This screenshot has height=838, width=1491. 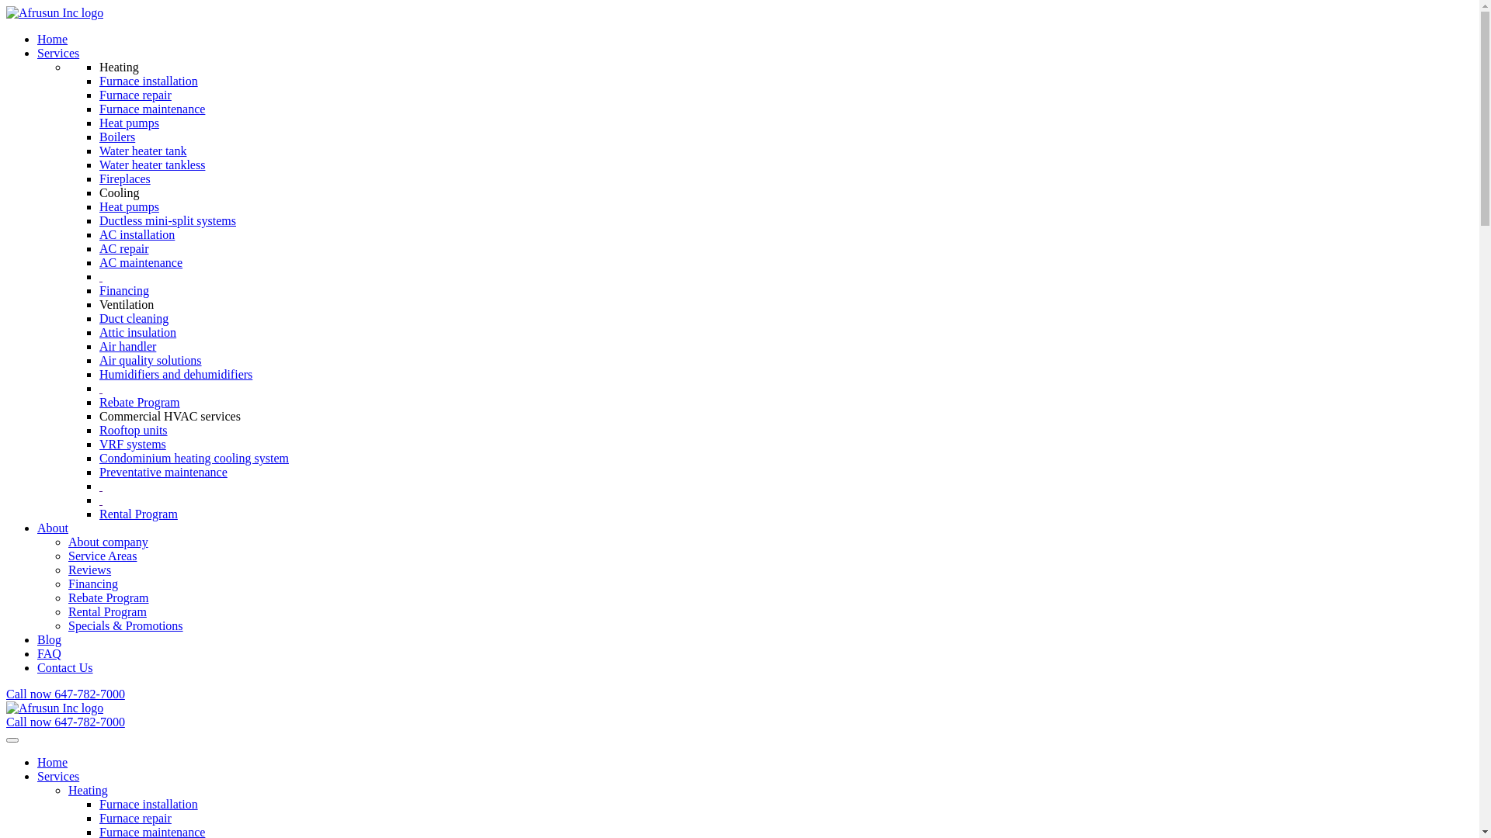 What do you see at coordinates (152, 164) in the screenshot?
I see `'Water heater tankless'` at bounding box center [152, 164].